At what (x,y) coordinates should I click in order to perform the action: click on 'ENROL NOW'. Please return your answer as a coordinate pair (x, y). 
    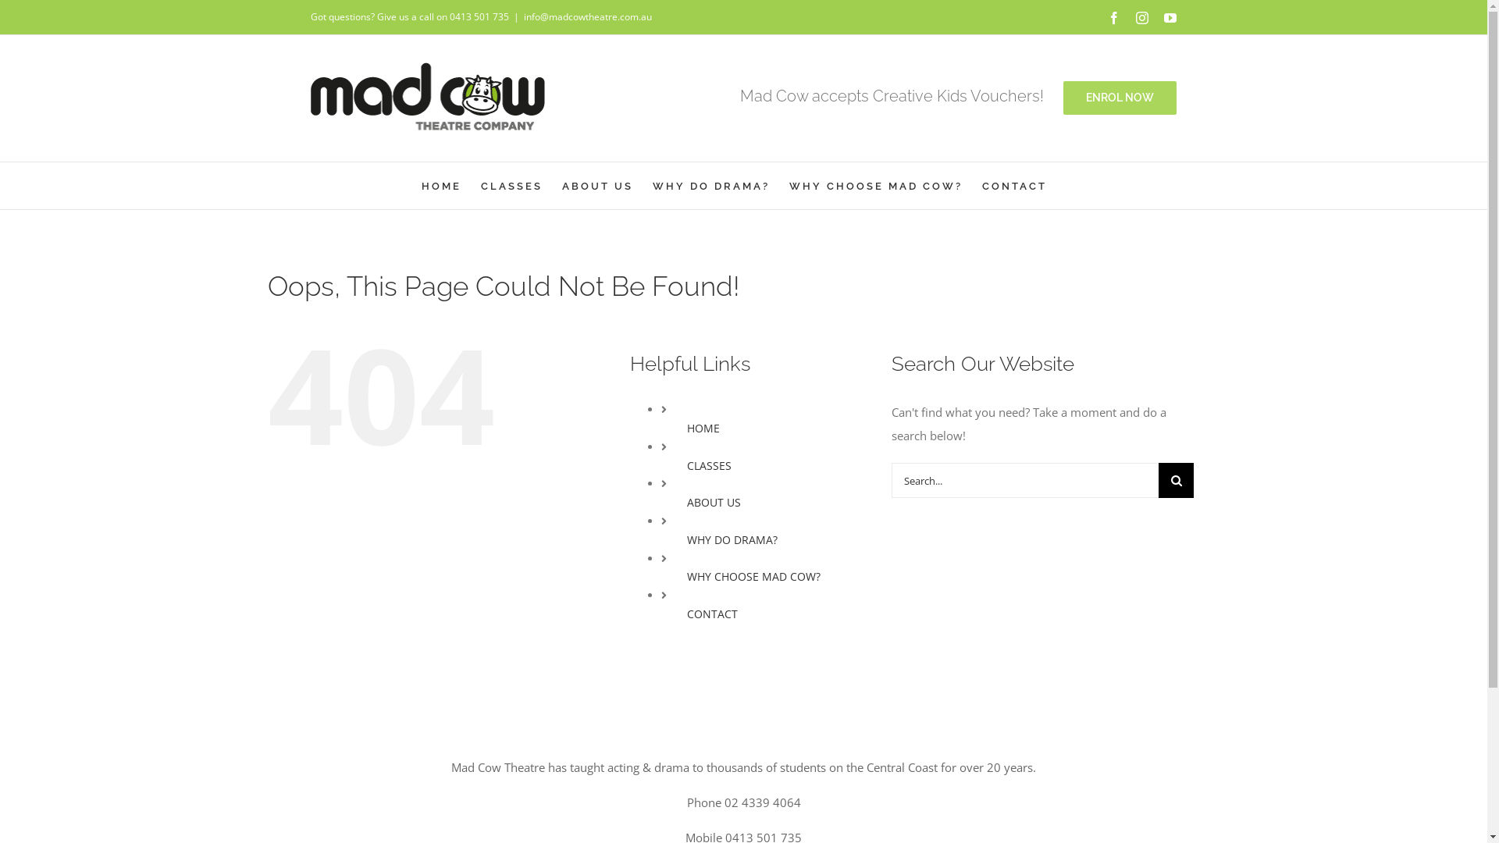
    Looking at the image, I should click on (1063, 98).